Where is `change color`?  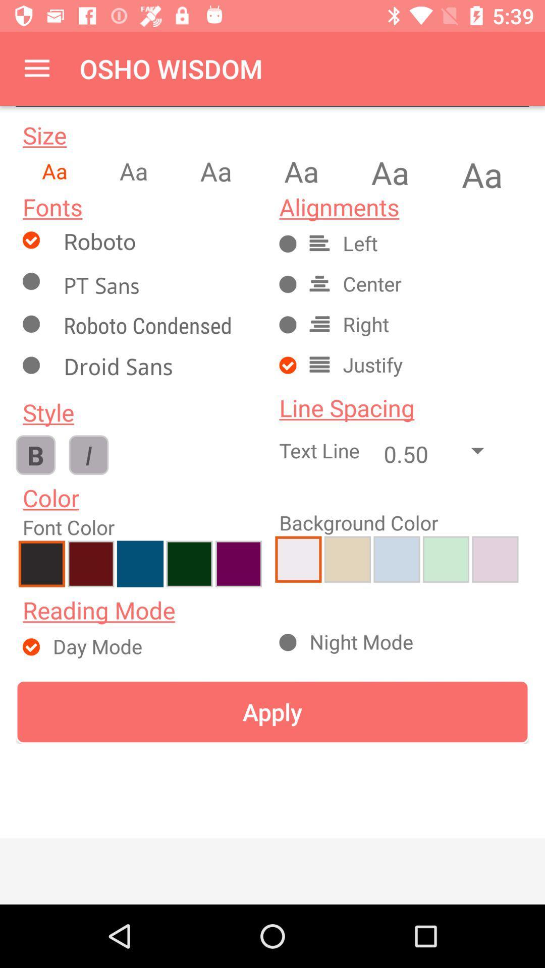 change color is located at coordinates (91, 563).